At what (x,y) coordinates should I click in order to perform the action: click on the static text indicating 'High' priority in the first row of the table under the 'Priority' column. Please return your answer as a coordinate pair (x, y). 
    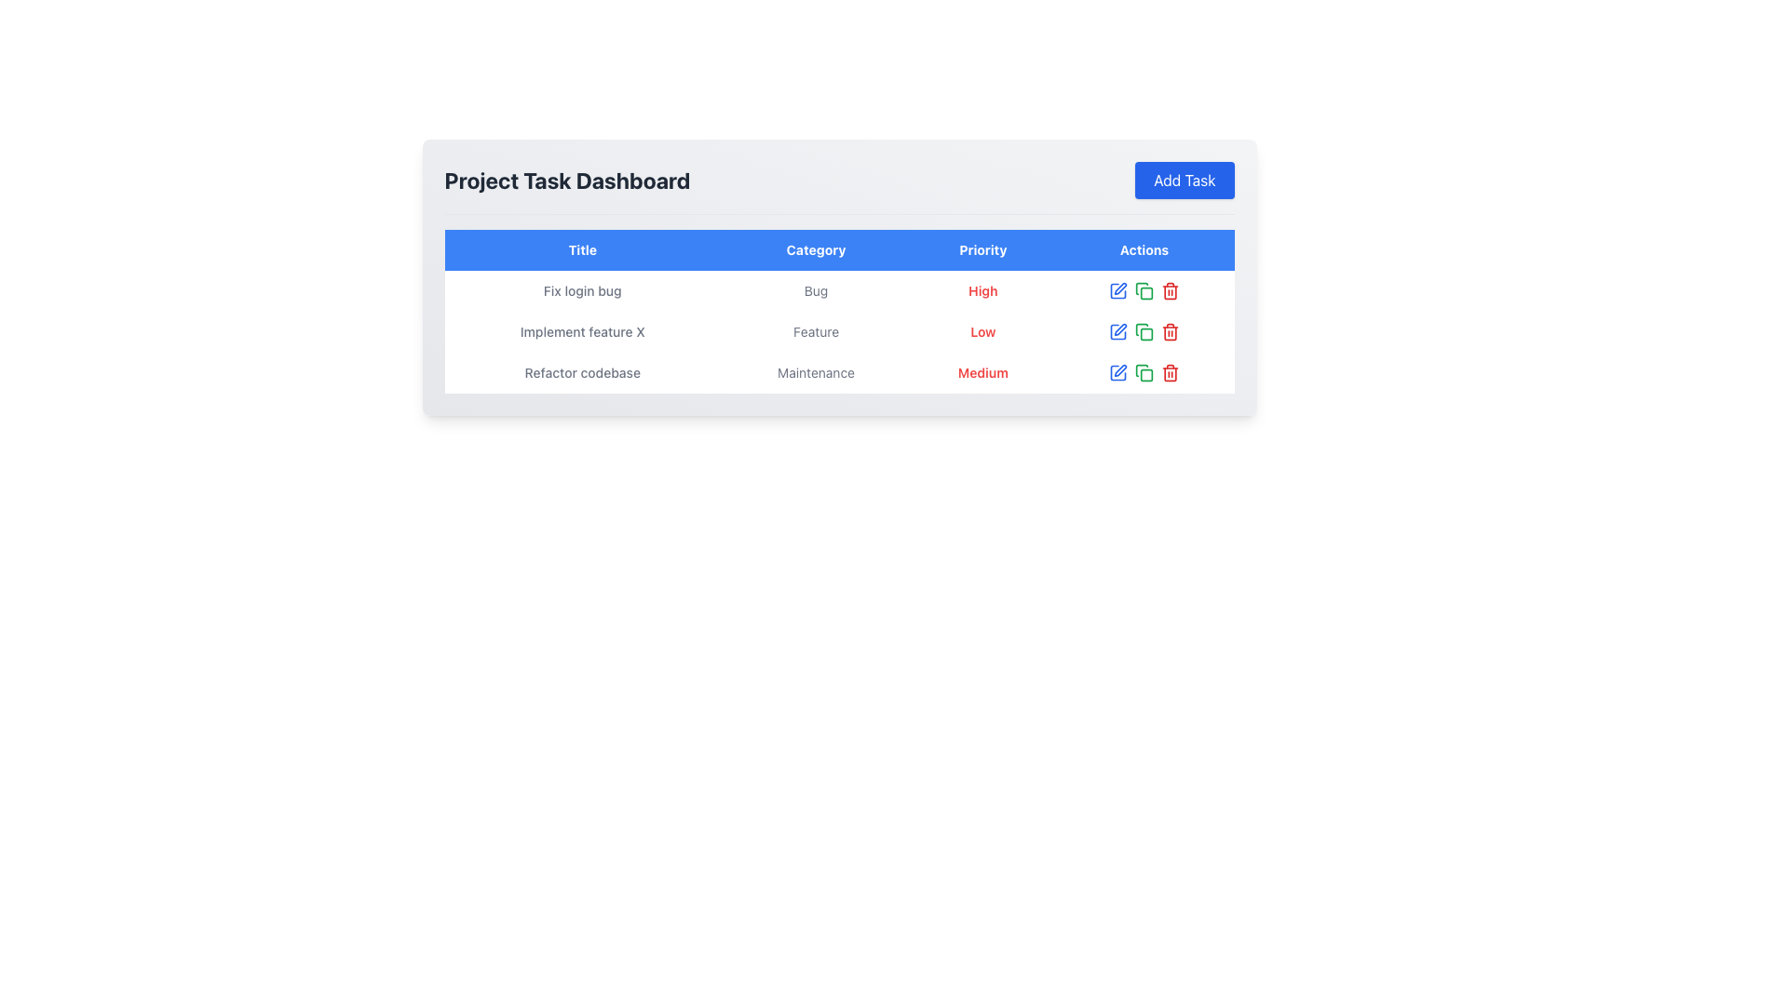
    Looking at the image, I should click on (982, 290).